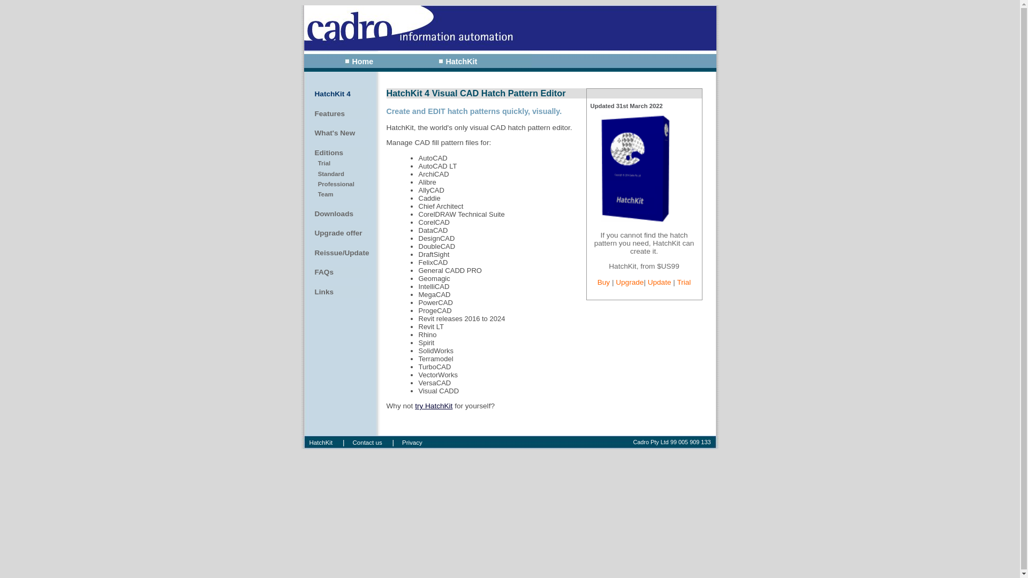  What do you see at coordinates (338, 113) in the screenshot?
I see `'Features'` at bounding box center [338, 113].